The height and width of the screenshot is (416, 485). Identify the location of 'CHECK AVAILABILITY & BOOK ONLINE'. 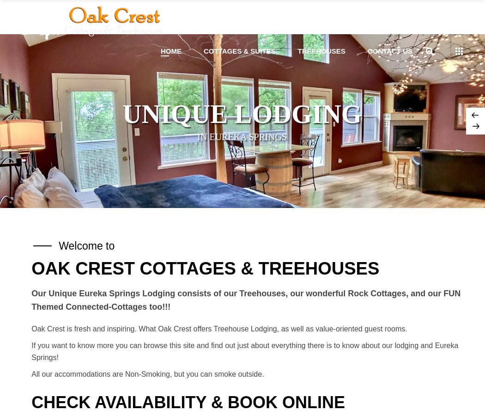
(188, 402).